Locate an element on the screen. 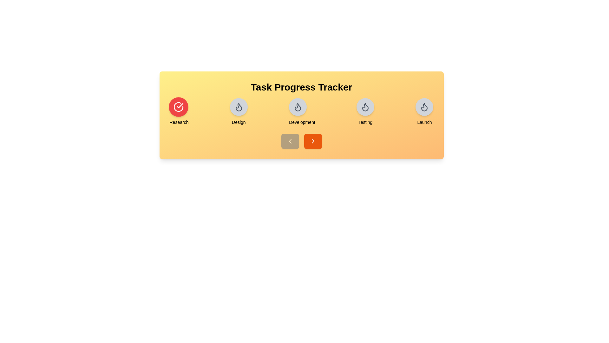 This screenshot has height=343, width=609. the static text label located directly below the circular red icon, which serves as a descriptive title for the icon's function is located at coordinates (179, 122).